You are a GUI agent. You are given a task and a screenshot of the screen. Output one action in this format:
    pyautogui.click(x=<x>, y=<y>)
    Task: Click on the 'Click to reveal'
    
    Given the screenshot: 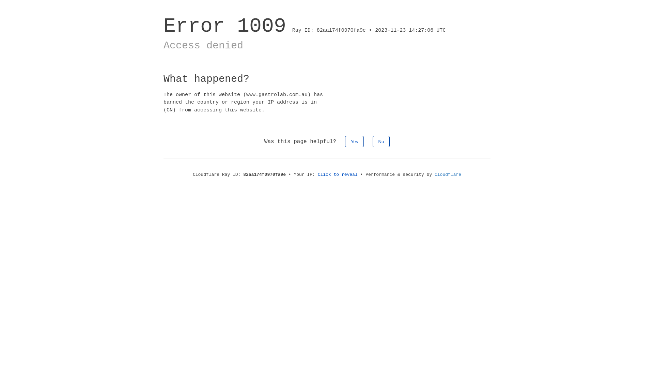 What is the action you would take?
    pyautogui.click(x=338, y=174)
    